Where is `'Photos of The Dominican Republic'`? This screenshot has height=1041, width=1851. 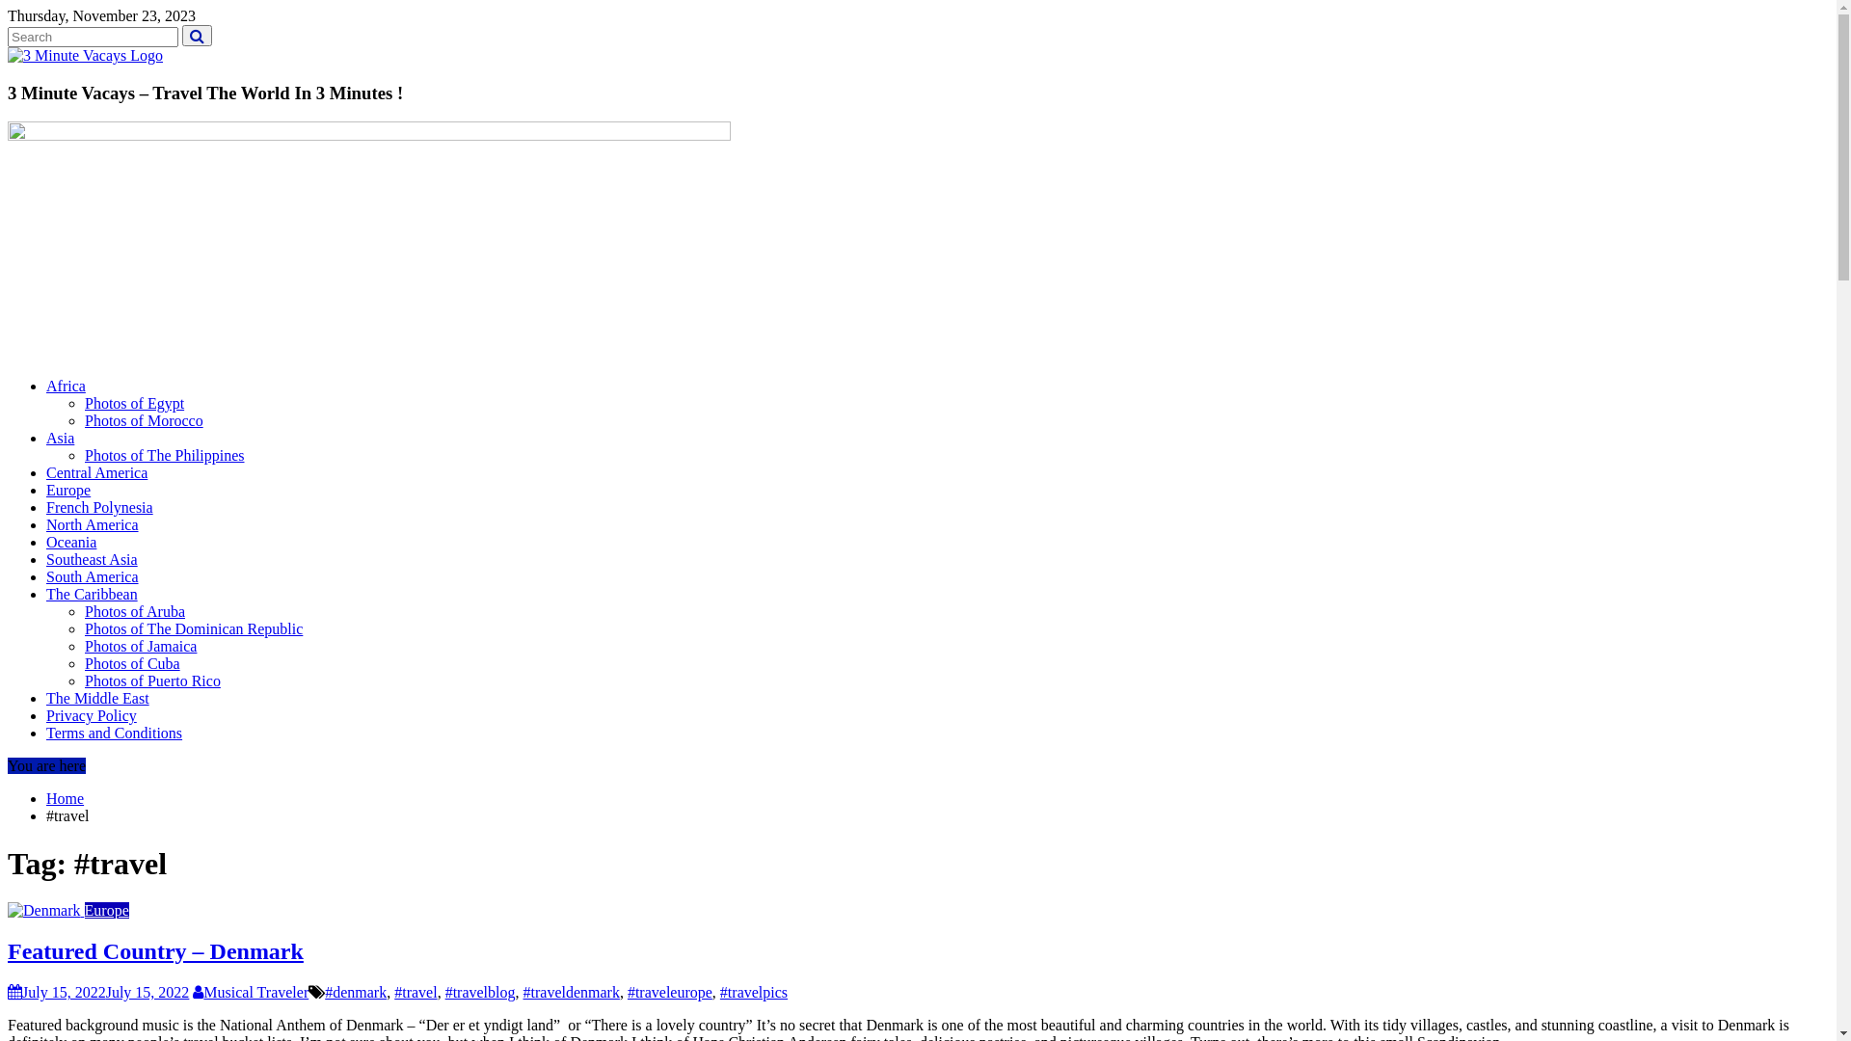 'Photos of The Dominican Republic' is located at coordinates (194, 628).